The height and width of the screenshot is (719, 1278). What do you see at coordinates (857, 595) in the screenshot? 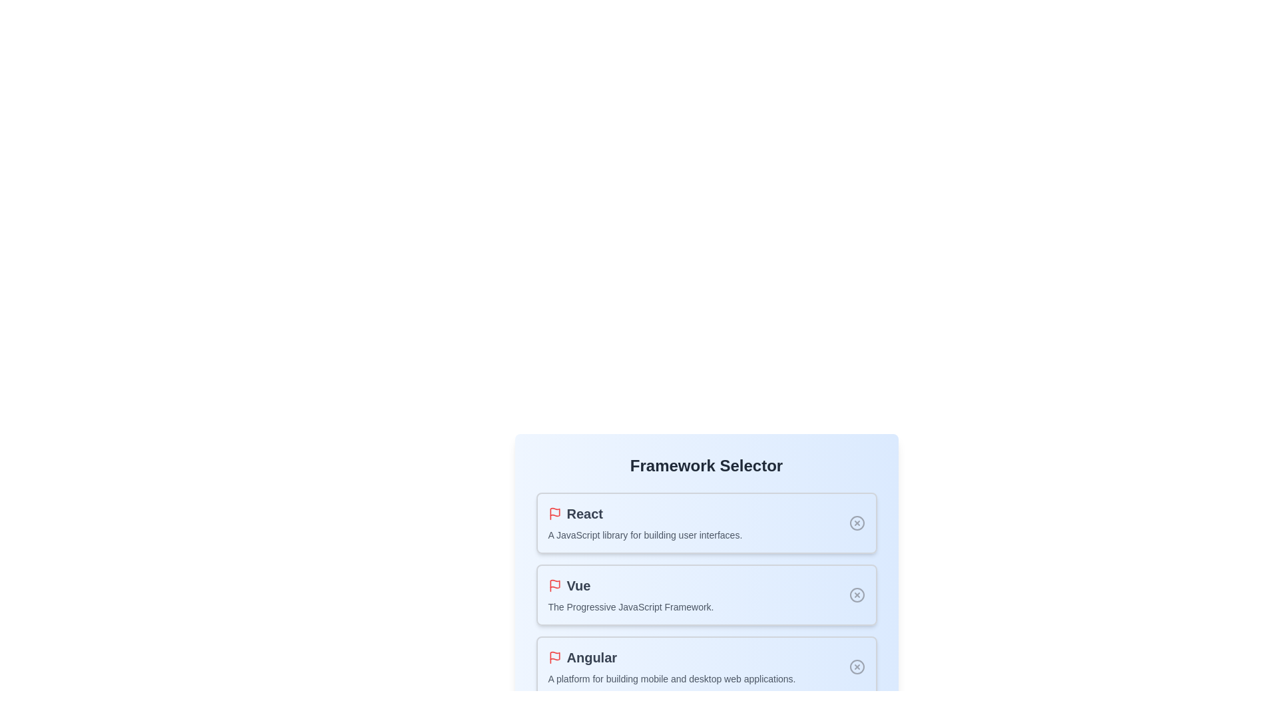
I see `the selection state indicator for Vue` at bounding box center [857, 595].